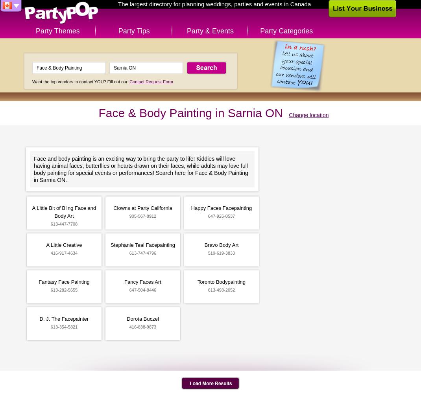  Describe the element at coordinates (308, 115) in the screenshot. I see `'Change location'` at that location.